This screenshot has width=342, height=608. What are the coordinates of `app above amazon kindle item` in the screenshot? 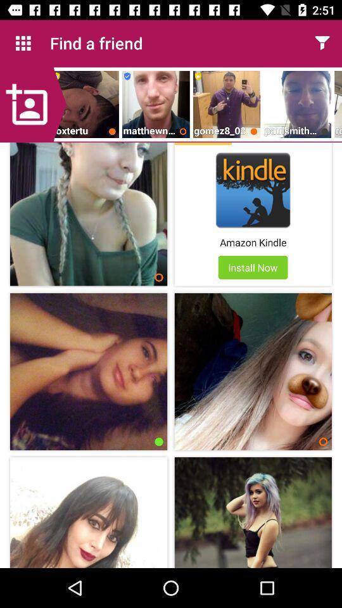 It's located at (253, 189).